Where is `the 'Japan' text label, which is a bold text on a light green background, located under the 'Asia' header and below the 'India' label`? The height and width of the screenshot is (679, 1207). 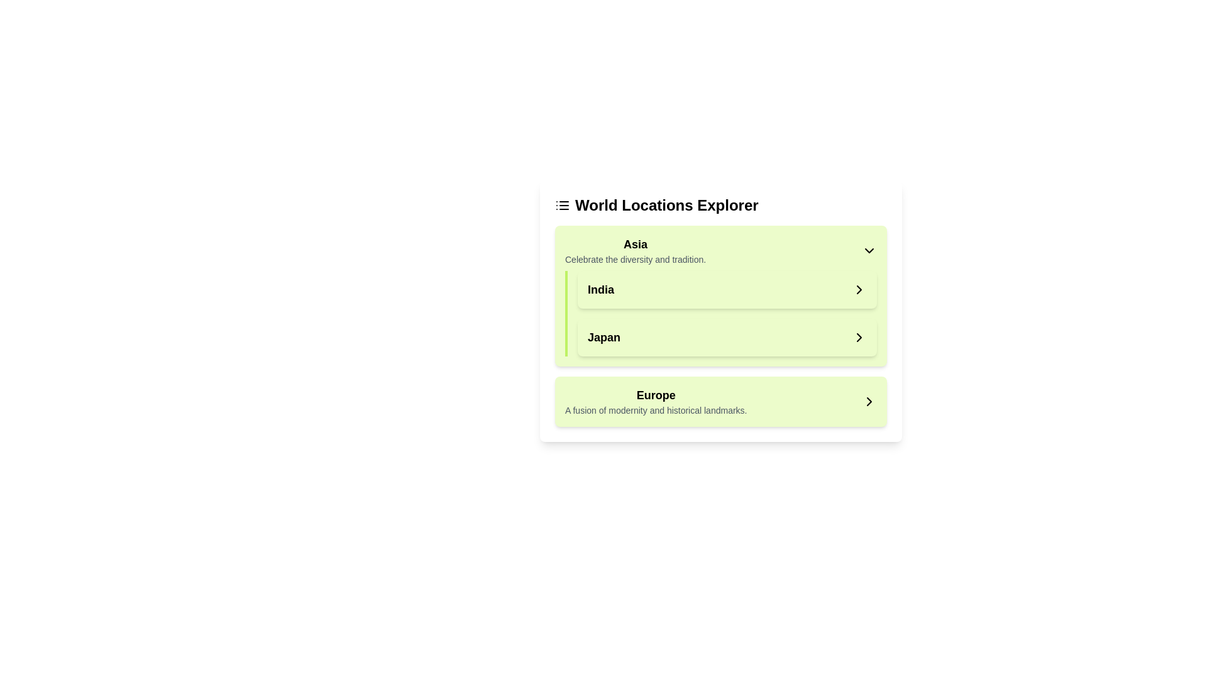 the 'Japan' text label, which is a bold text on a light green background, located under the 'Asia' header and below the 'India' label is located at coordinates (603, 336).